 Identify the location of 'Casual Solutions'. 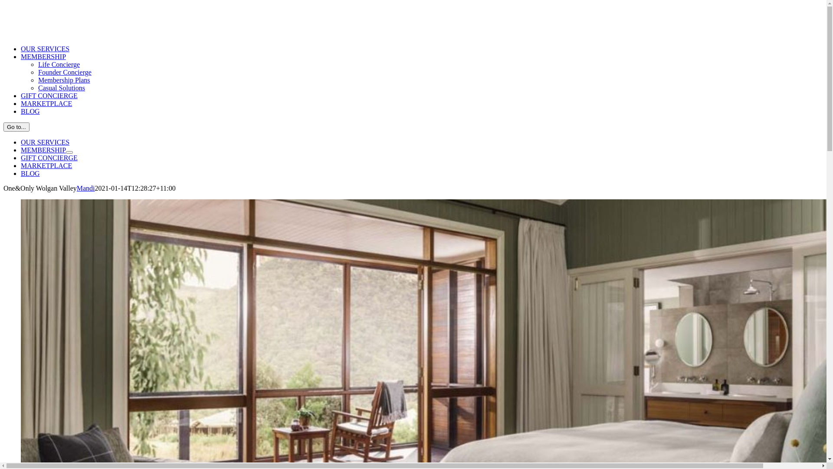
(37, 88).